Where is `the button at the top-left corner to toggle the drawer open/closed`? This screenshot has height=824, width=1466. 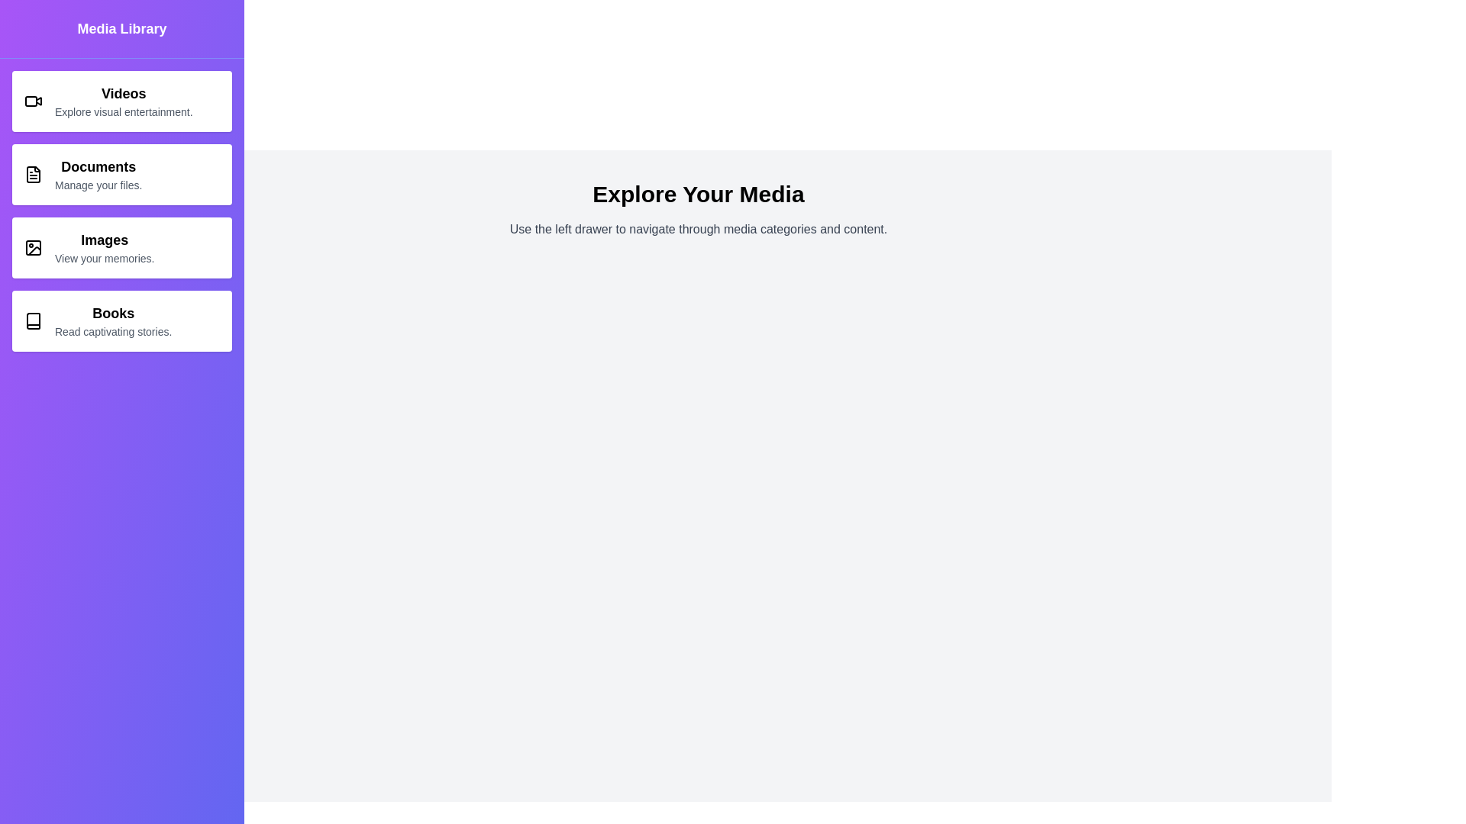 the button at the top-left corner to toggle the drawer open/closed is located at coordinates (33, 33).